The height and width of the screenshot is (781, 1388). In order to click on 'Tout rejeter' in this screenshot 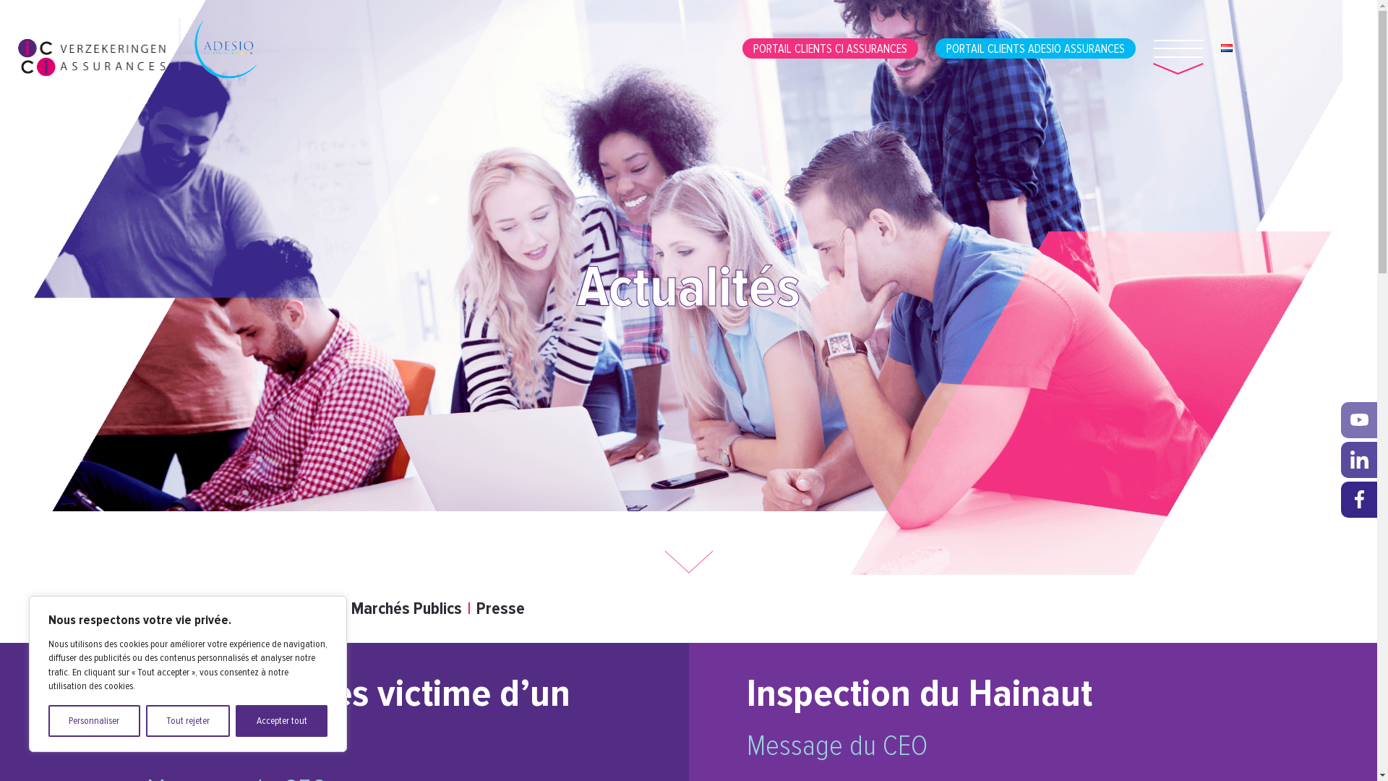, I will do `click(187, 720)`.